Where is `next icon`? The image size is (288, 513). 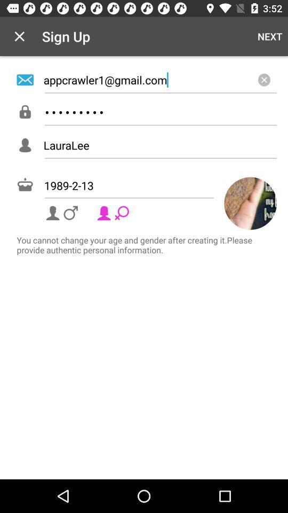
next icon is located at coordinates (269, 36).